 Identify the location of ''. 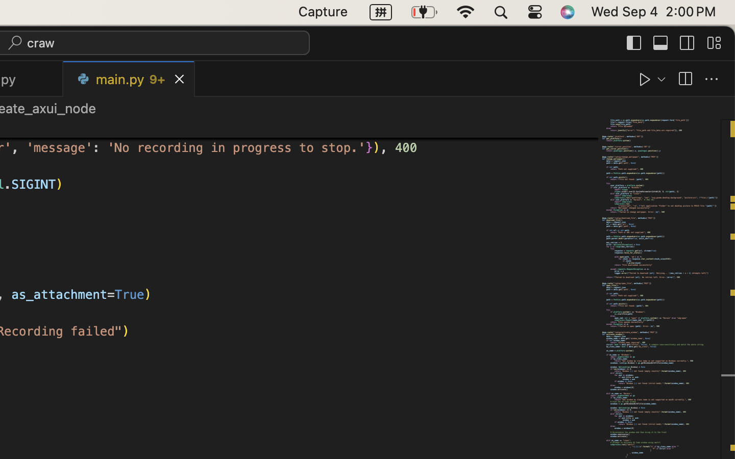
(712, 79).